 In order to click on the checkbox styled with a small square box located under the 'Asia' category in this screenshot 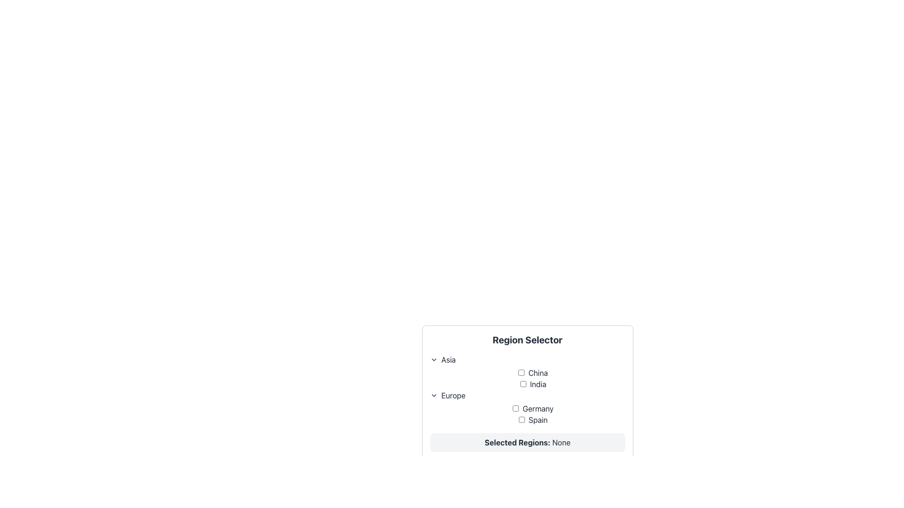, I will do `click(523, 384)`.